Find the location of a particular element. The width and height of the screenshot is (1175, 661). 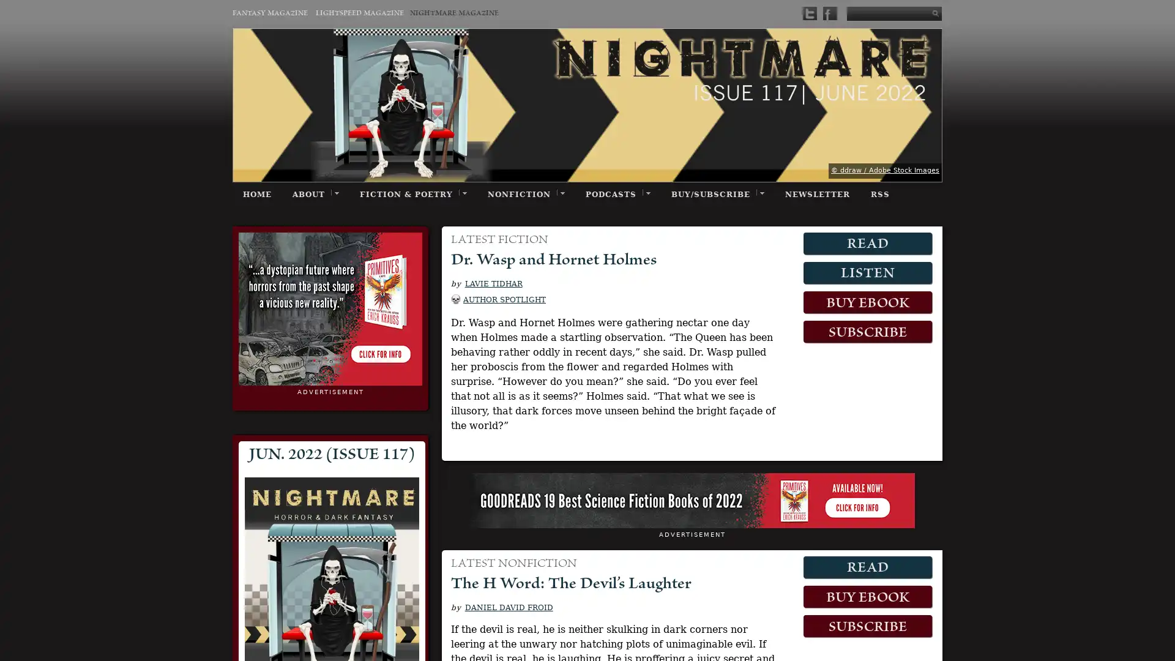

Submit is located at coordinates (949, 13).